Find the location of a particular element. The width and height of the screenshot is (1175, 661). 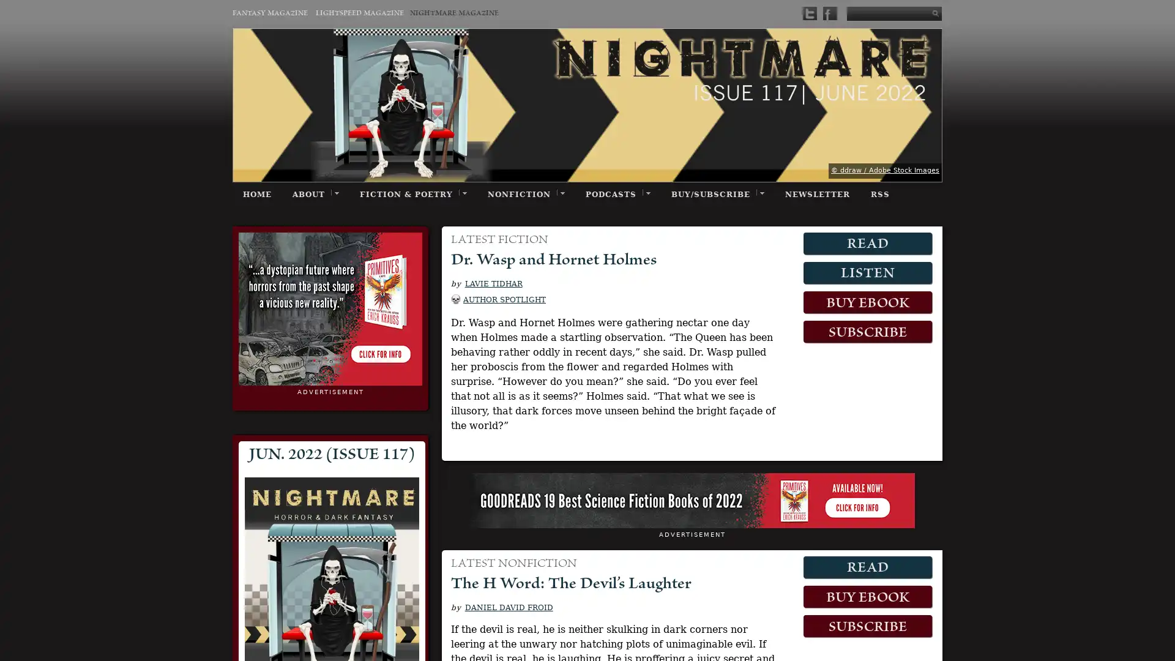

Submit is located at coordinates (949, 13).